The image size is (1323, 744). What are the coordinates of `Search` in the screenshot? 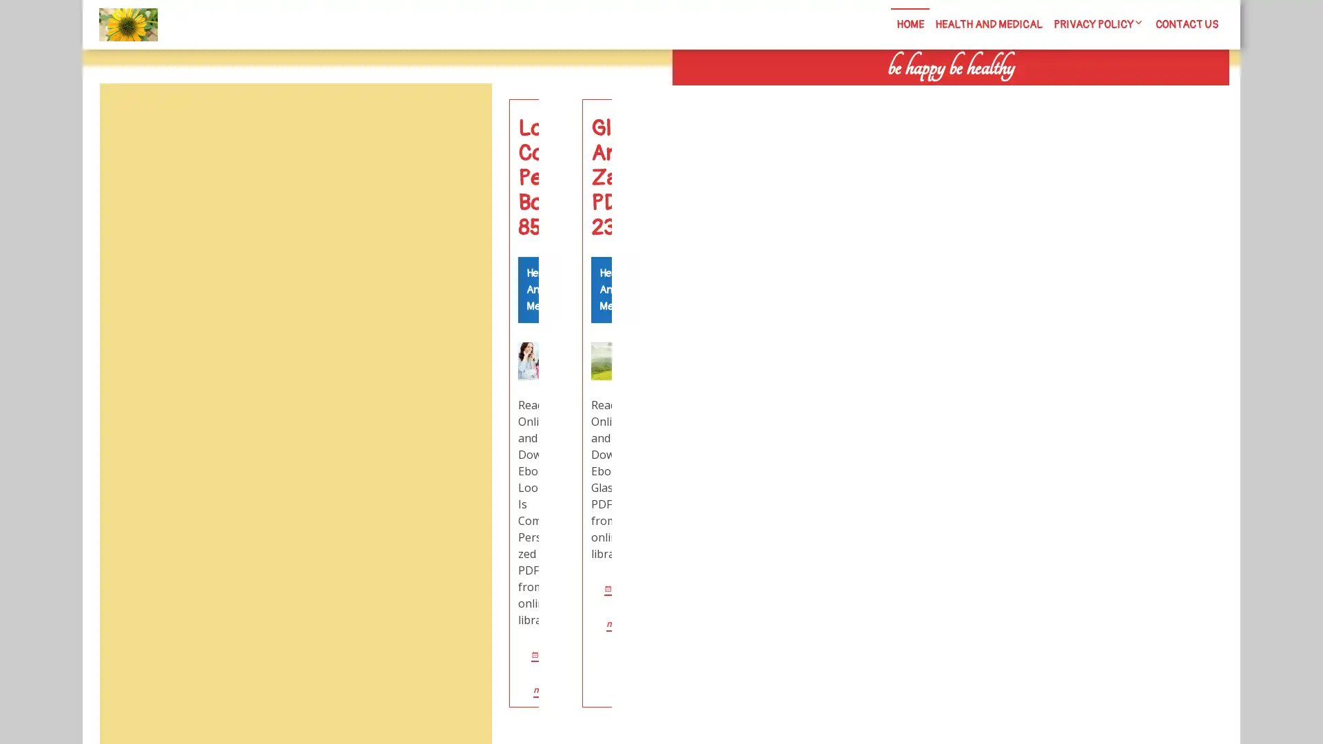 It's located at (1073, 96).